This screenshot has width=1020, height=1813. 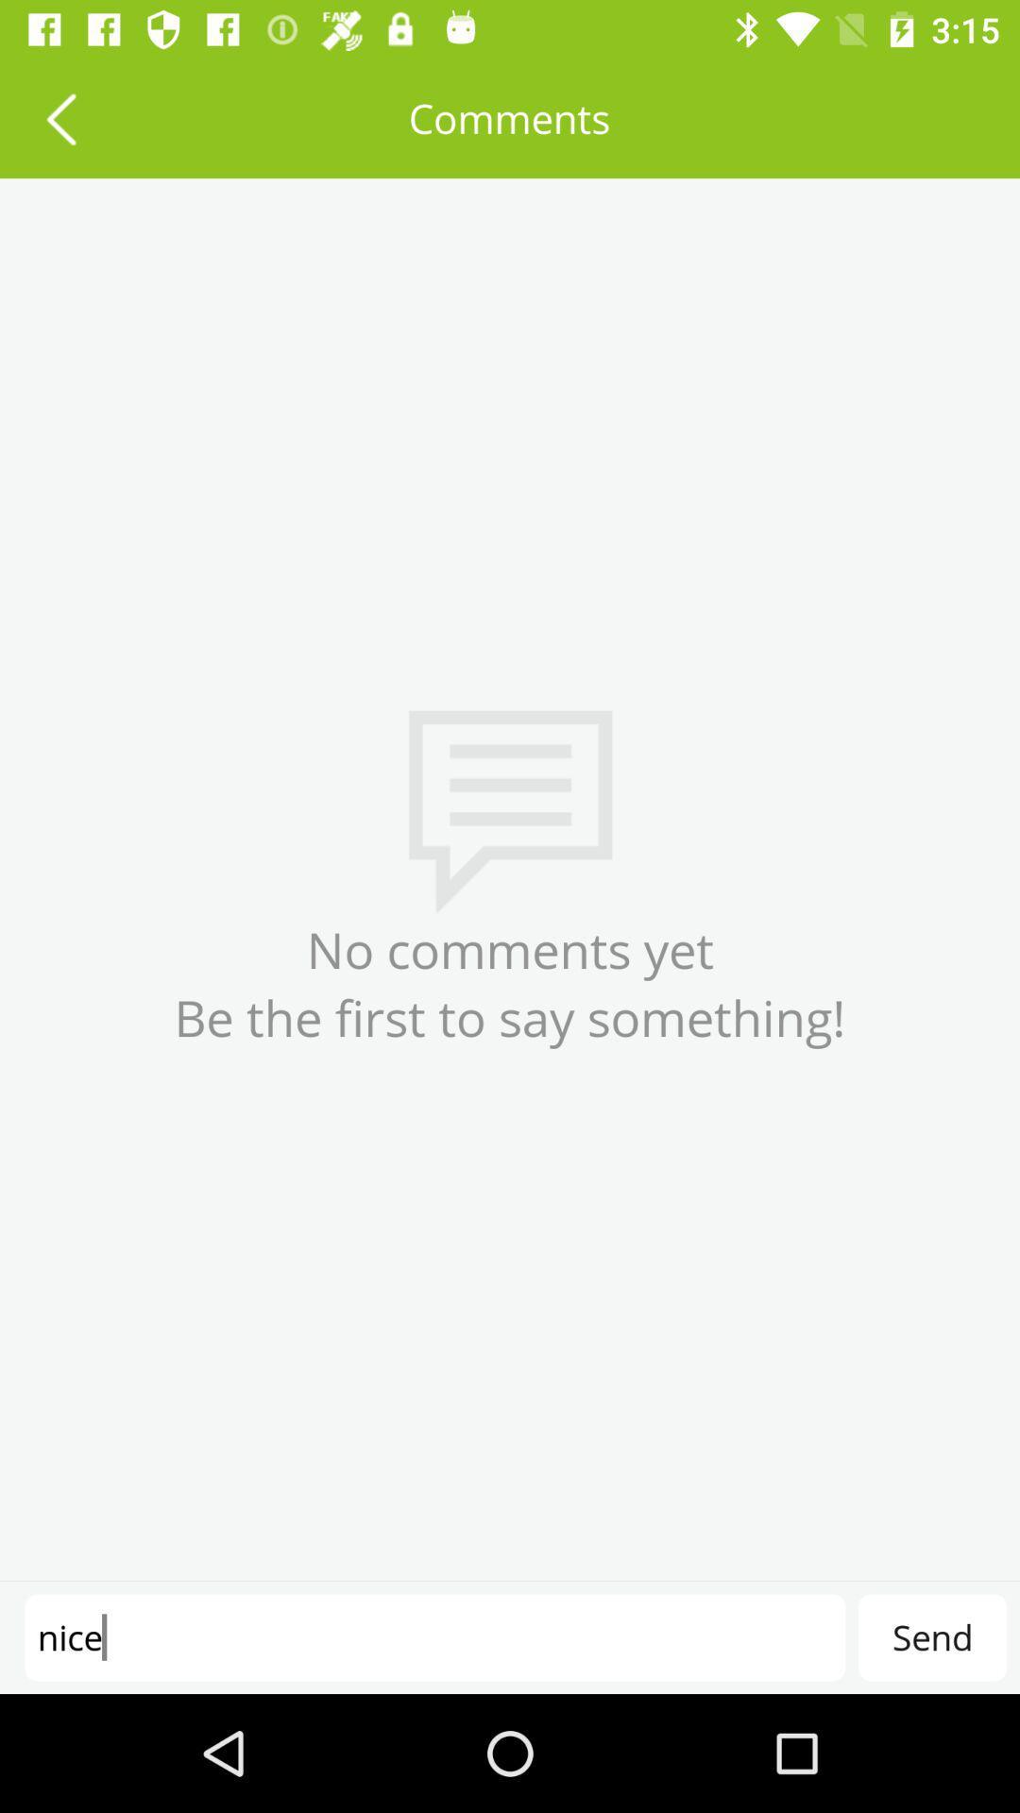 I want to click on the item to the left of send icon, so click(x=434, y=1636).